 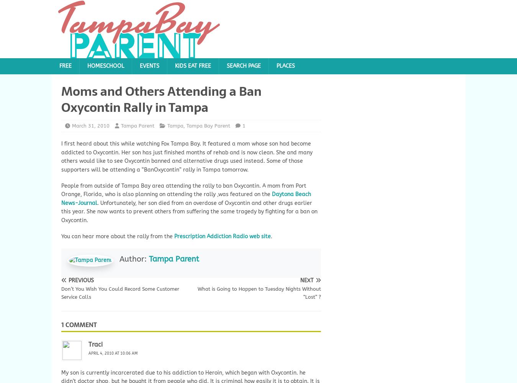 What do you see at coordinates (61, 293) in the screenshot?
I see `'Don’t You Wish You Could Record Some Customer Service Calls'` at bounding box center [61, 293].